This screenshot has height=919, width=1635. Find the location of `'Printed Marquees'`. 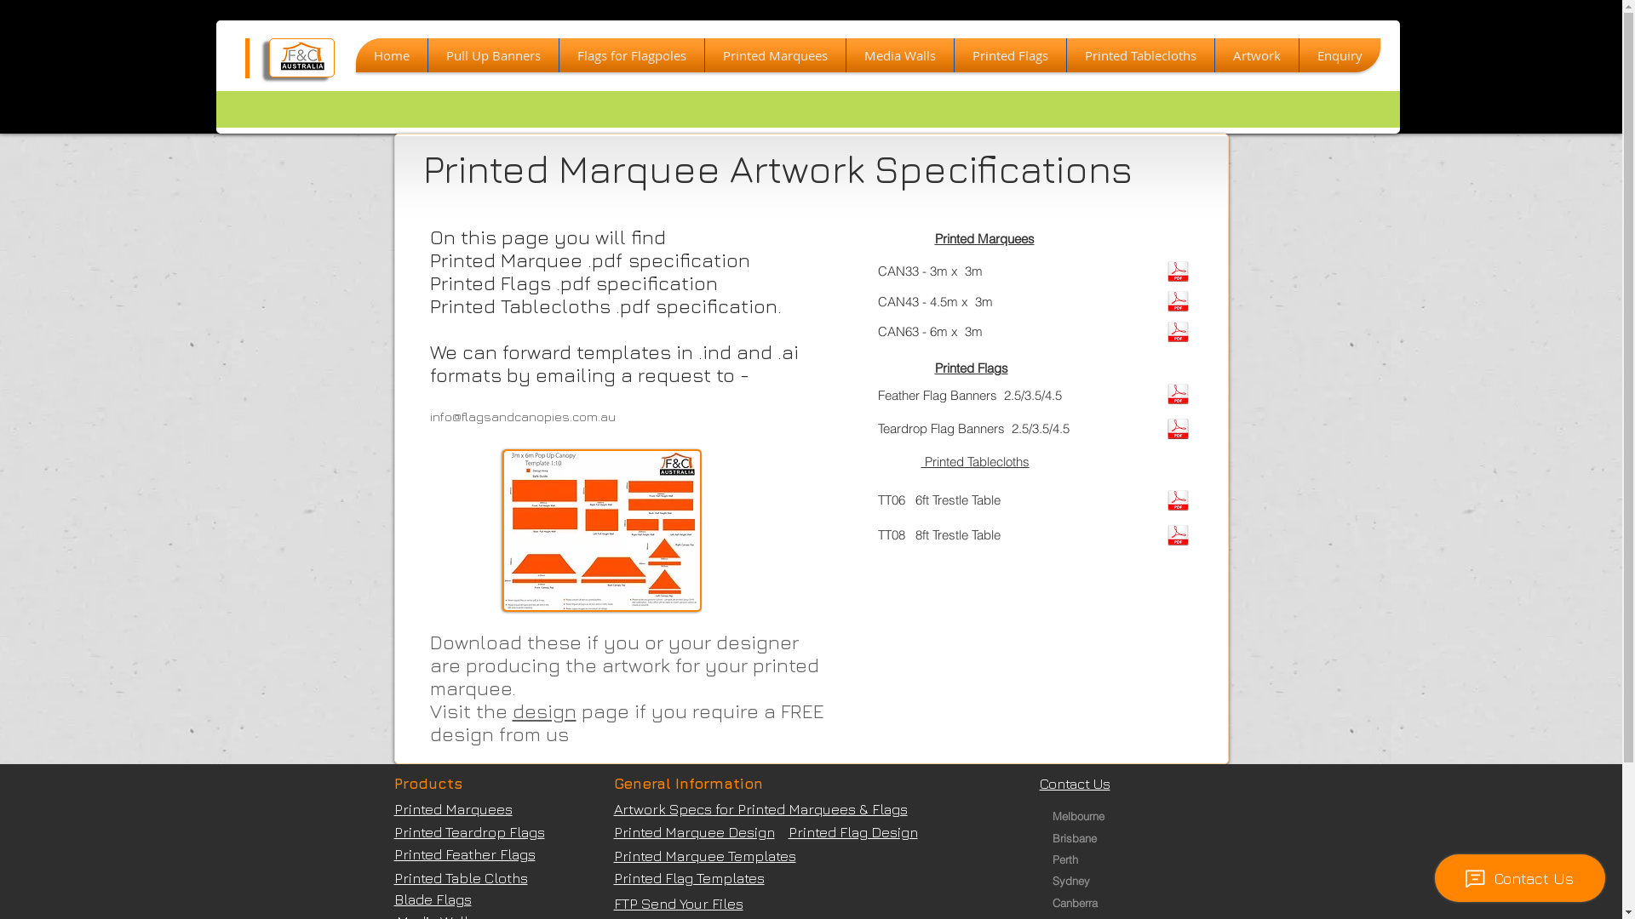

'Printed Marquees' is located at coordinates (452, 808).